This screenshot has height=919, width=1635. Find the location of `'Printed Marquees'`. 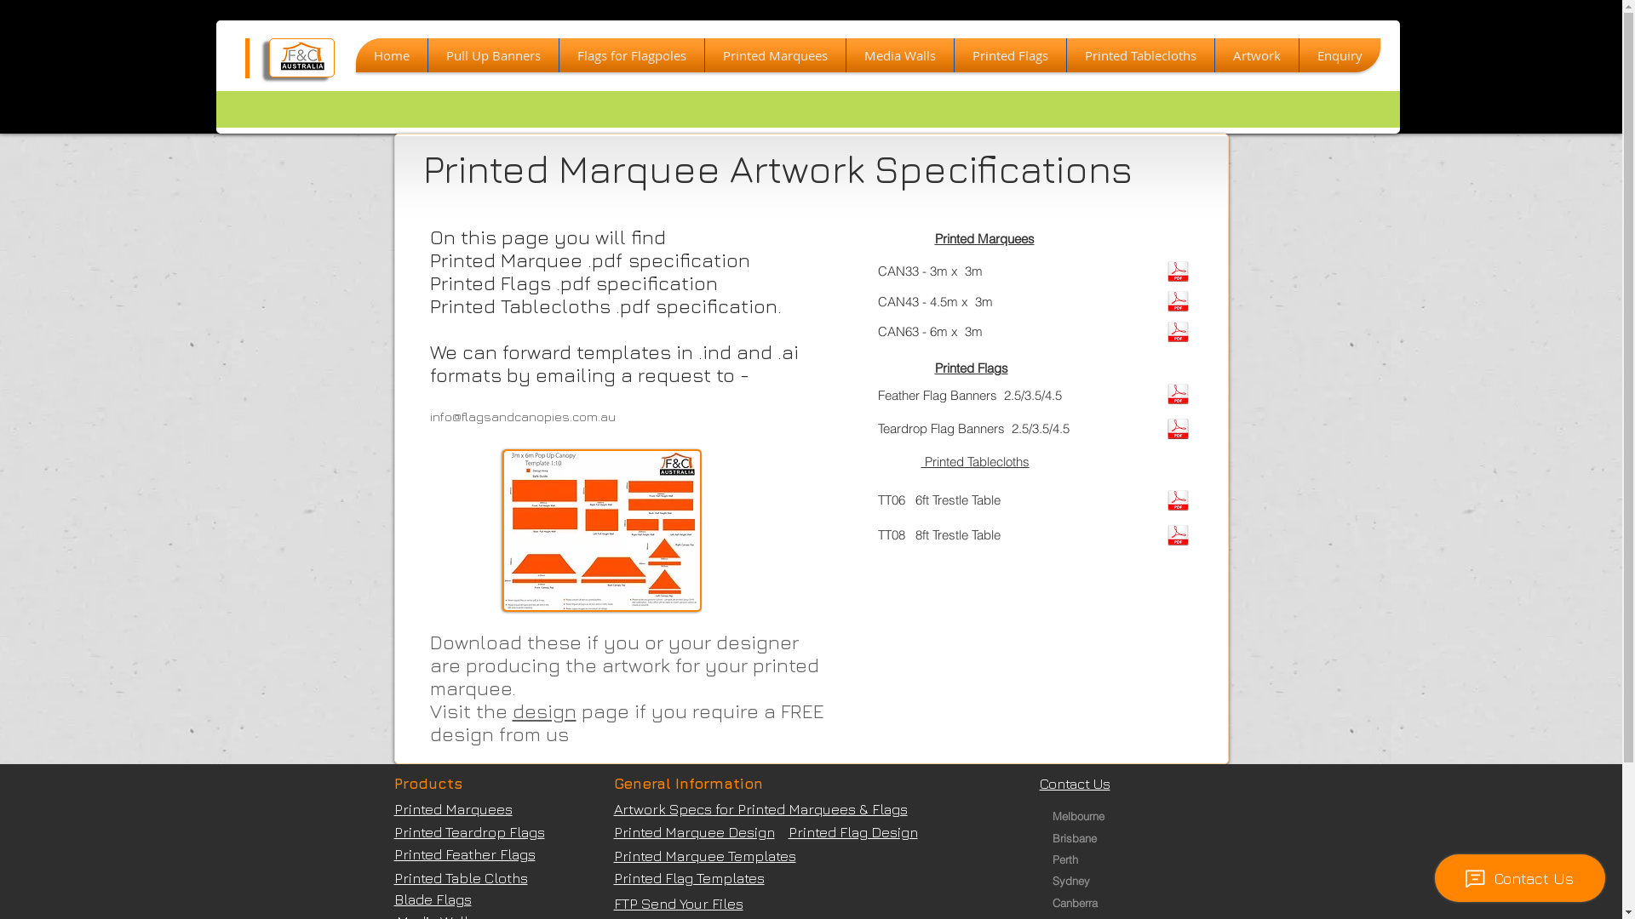

'Printed Marquees' is located at coordinates (452, 808).